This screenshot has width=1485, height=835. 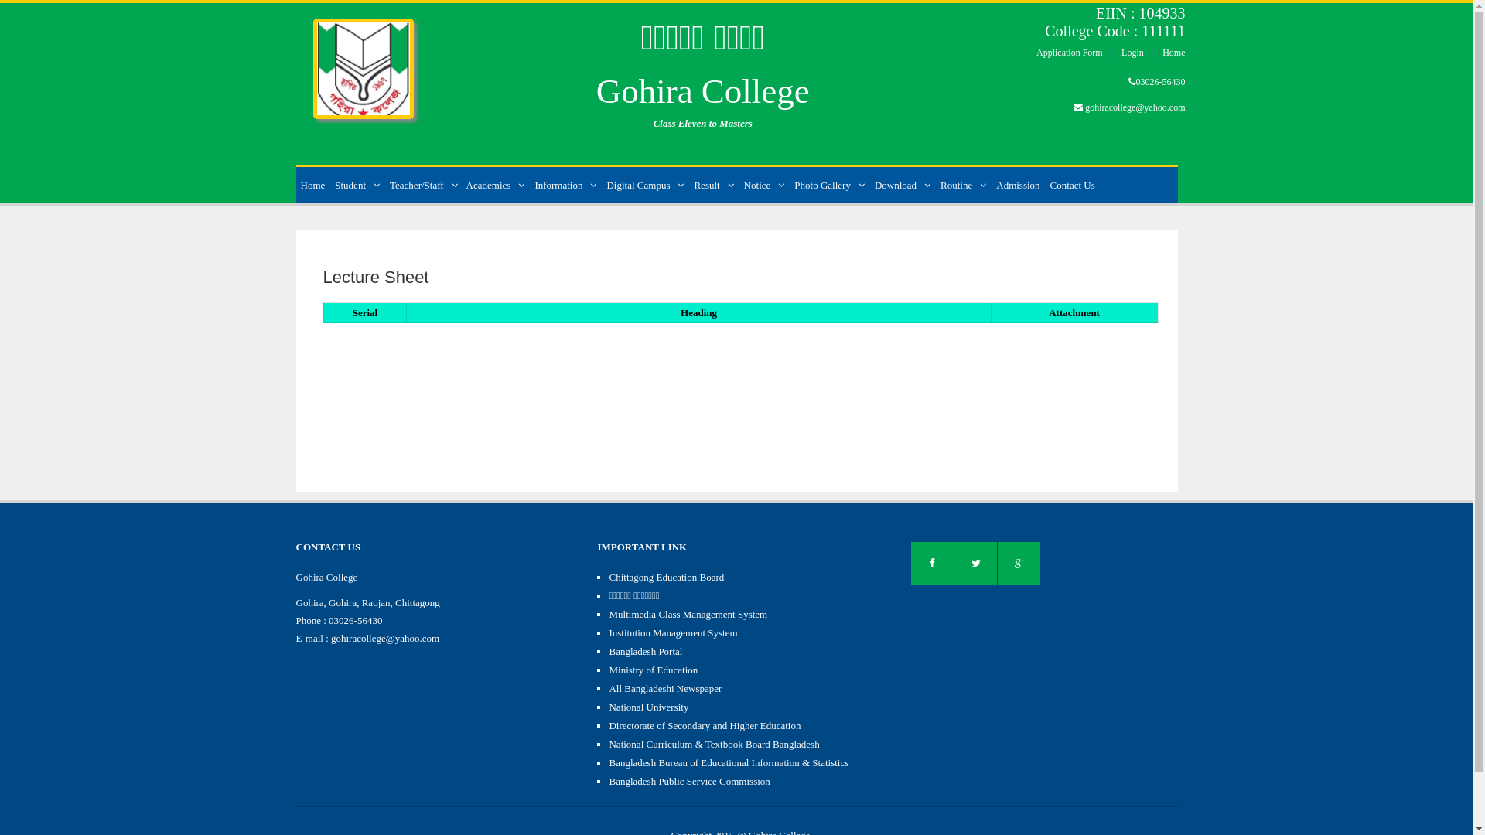 What do you see at coordinates (363, 59) in the screenshot?
I see `'Home'` at bounding box center [363, 59].